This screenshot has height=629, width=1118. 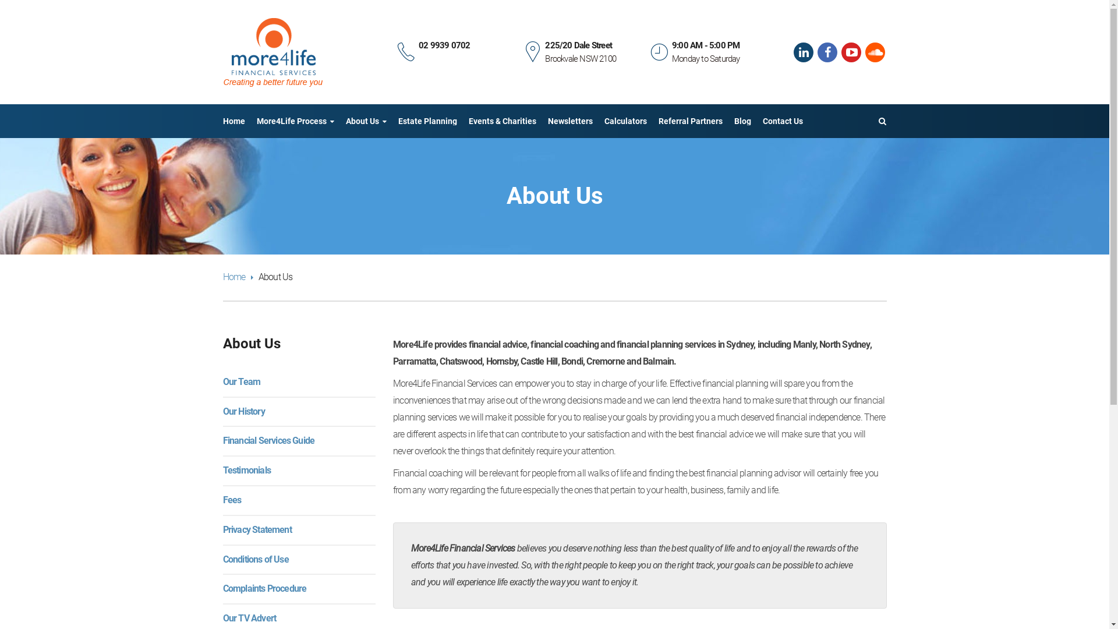 What do you see at coordinates (365, 121) in the screenshot?
I see `'About Us'` at bounding box center [365, 121].